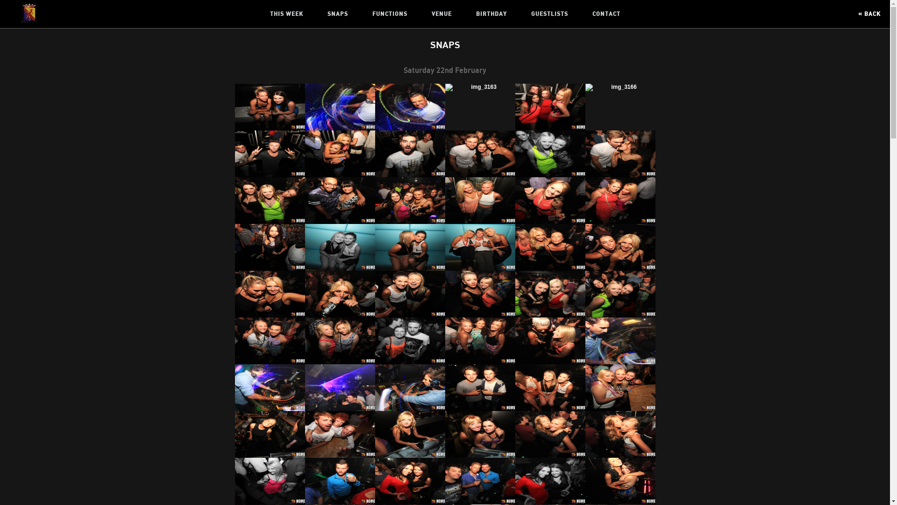  Describe the element at coordinates (269, 341) in the screenshot. I see `' '` at that location.